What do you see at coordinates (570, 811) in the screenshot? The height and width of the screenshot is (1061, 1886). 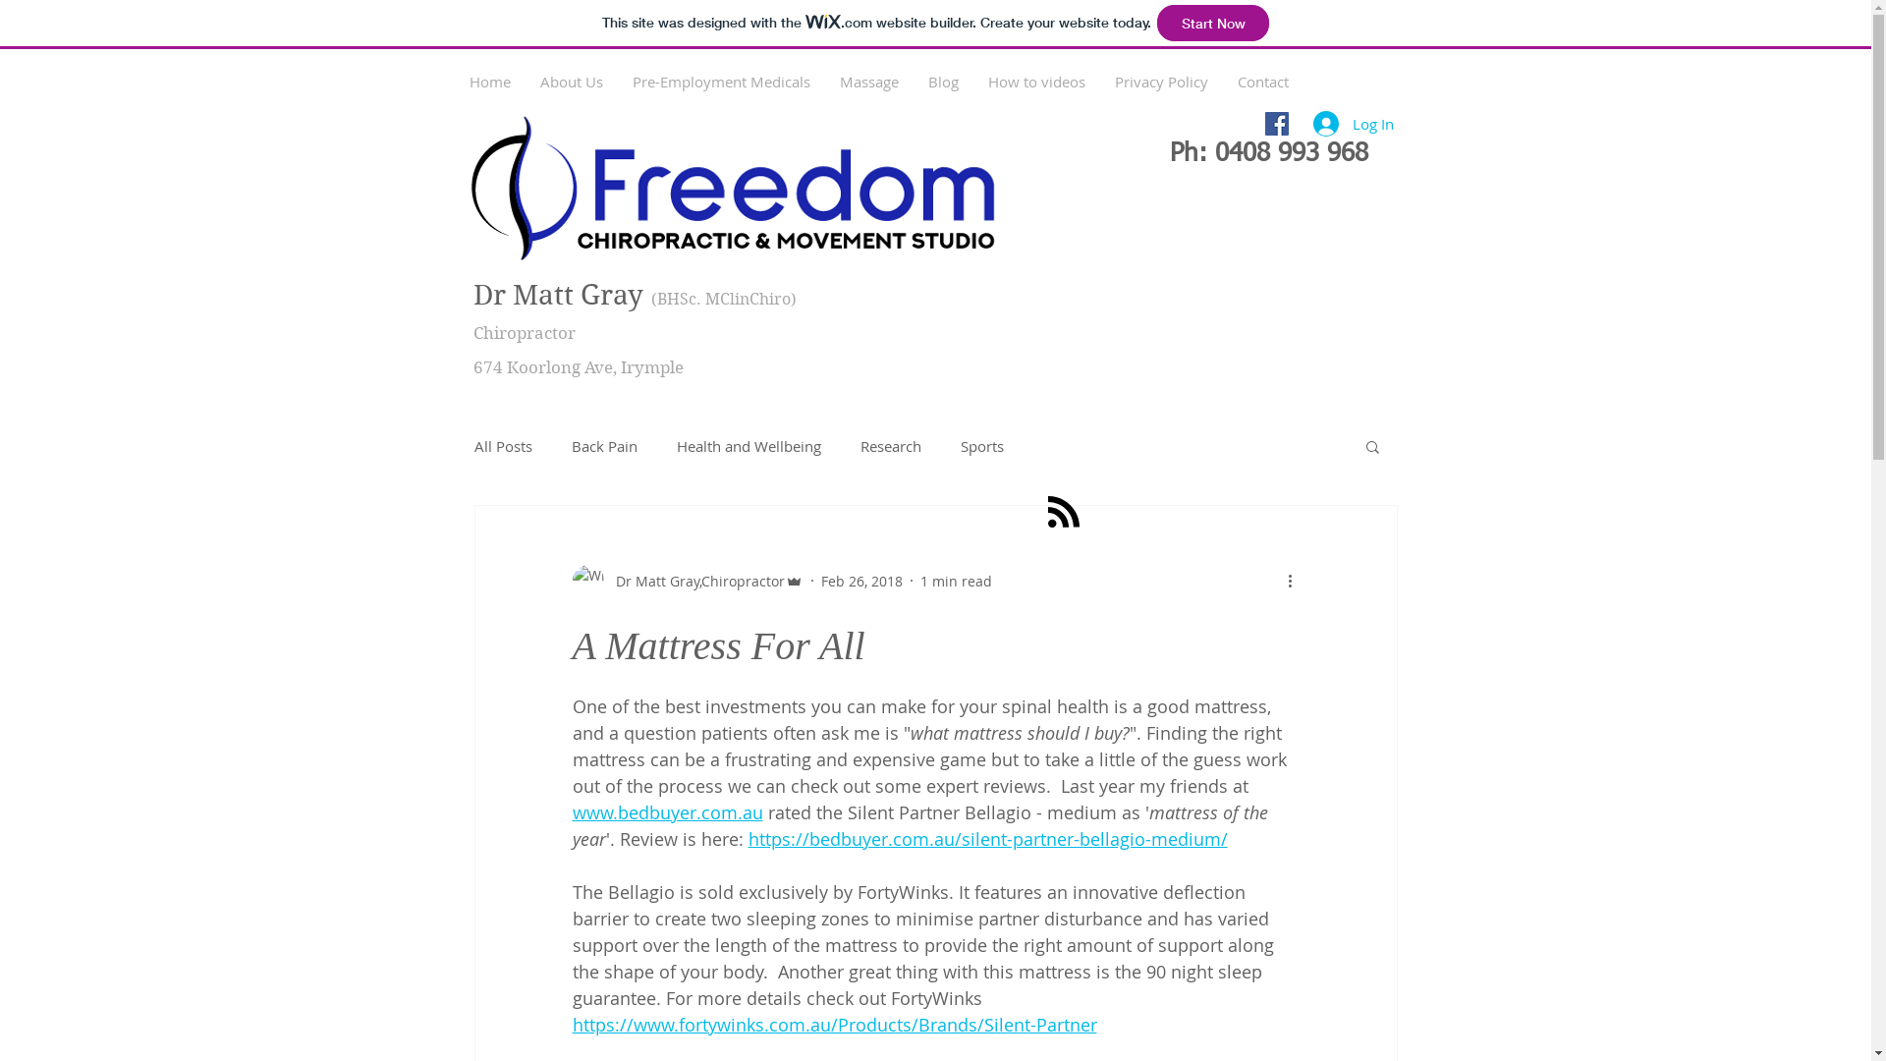 I see `'www.bedbuyer.com.au'` at bounding box center [570, 811].